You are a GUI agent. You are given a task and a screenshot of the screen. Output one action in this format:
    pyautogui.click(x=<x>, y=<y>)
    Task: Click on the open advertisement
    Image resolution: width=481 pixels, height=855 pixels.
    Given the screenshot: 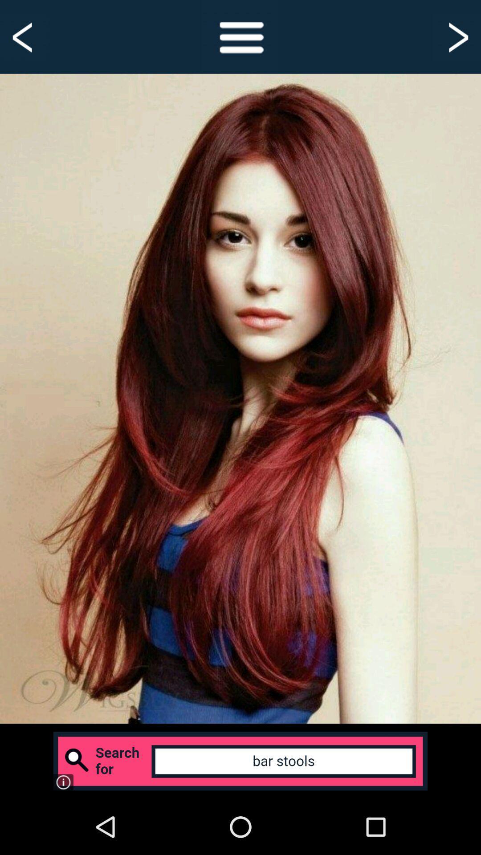 What is the action you would take?
    pyautogui.click(x=240, y=761)
    